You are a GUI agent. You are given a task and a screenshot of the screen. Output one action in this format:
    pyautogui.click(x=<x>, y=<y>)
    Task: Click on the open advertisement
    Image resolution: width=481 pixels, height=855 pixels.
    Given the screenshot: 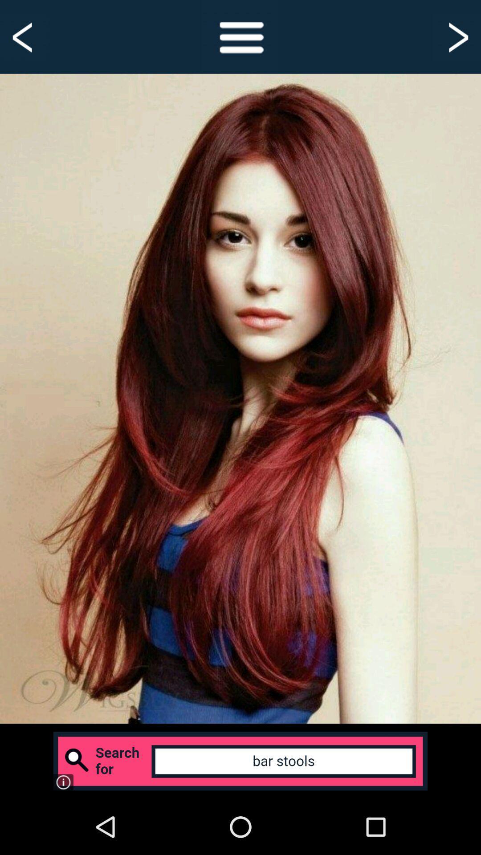 What is the action you would take?
    pyautogui.click(x=240, y=761)
    